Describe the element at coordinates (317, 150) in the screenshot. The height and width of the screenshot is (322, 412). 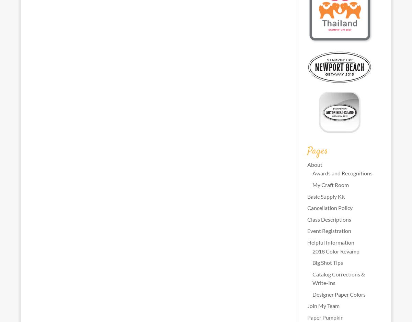
I see `'Pages'` at that location.